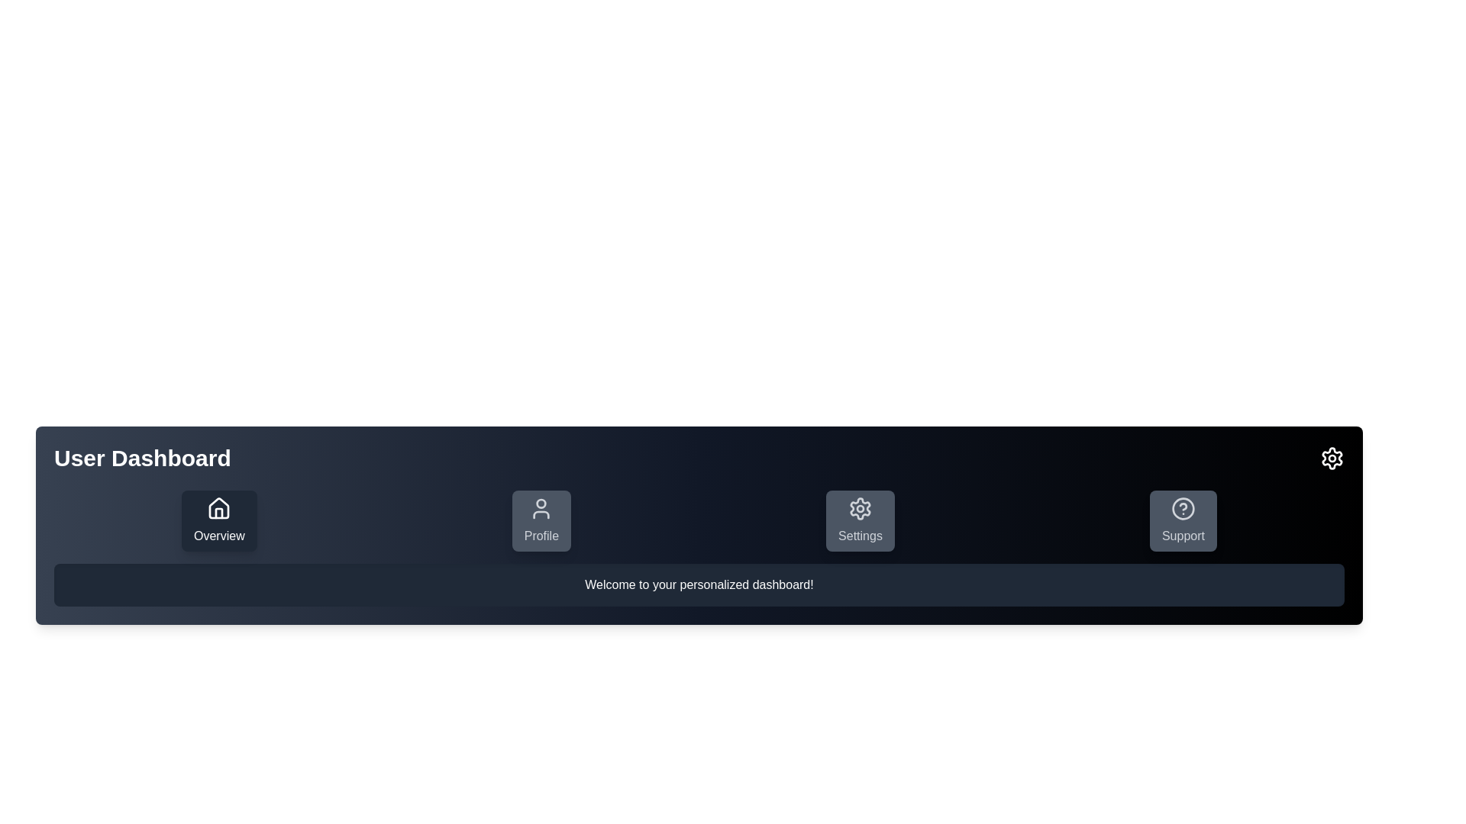  Describe the element at coordinates (861, 509) in the screenshot. I see `the gear-shaped icon within the 'Settings' button` at that location.